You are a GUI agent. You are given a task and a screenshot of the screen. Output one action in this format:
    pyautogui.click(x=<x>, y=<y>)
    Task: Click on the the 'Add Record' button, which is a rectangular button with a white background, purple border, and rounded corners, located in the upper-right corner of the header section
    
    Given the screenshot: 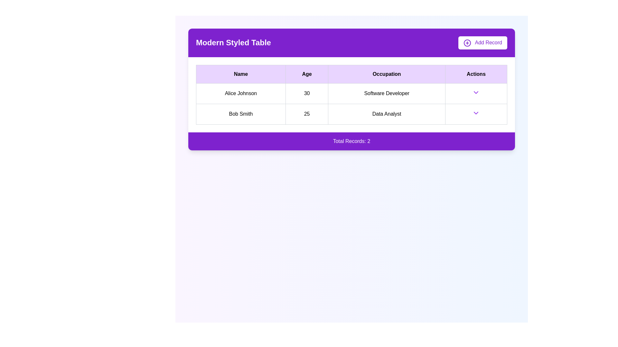 What is the action you would take?
    pyautogui.click(x=482, y=43)
    